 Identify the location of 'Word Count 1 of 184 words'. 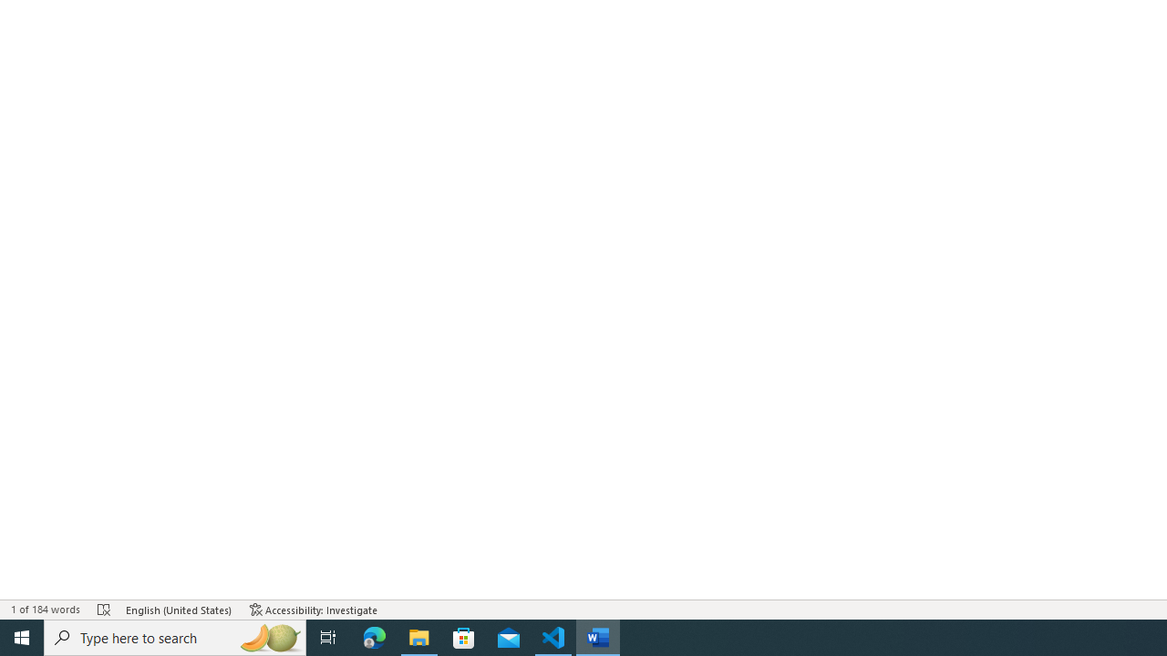
(45, 610).